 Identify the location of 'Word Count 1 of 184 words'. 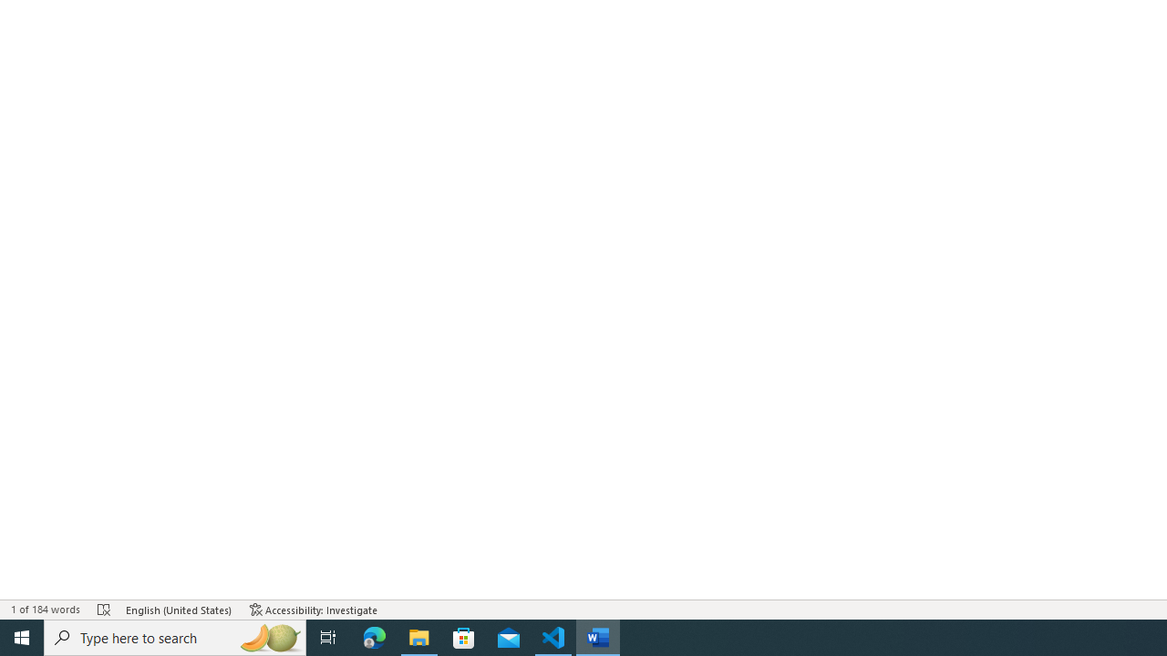
(45, 610).